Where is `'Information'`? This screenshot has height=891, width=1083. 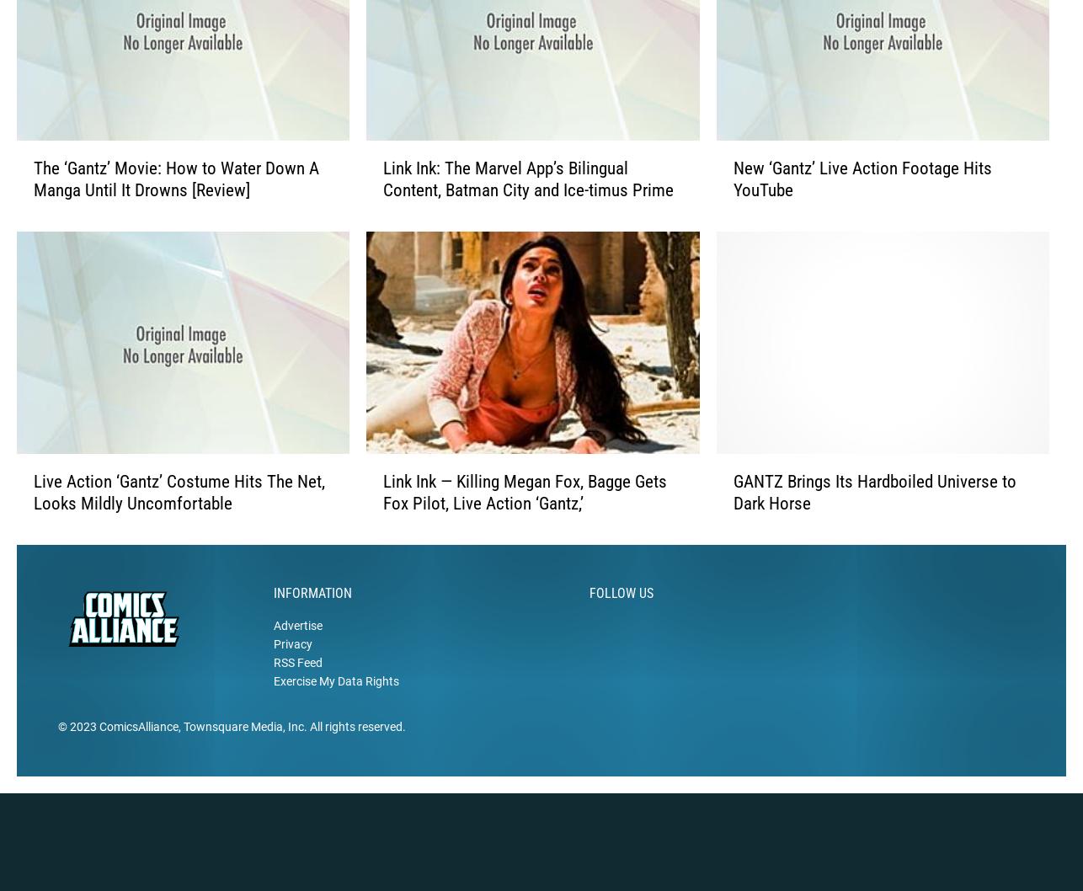
'Information' is located at coordinates (312, 619).